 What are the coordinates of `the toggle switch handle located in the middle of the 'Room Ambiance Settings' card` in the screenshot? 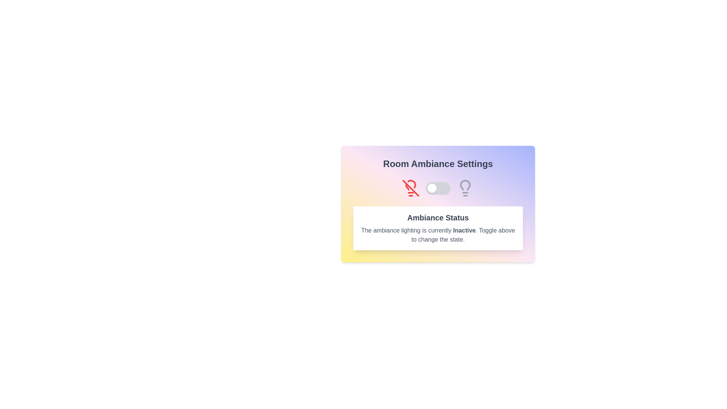 It's located at (432, 188).